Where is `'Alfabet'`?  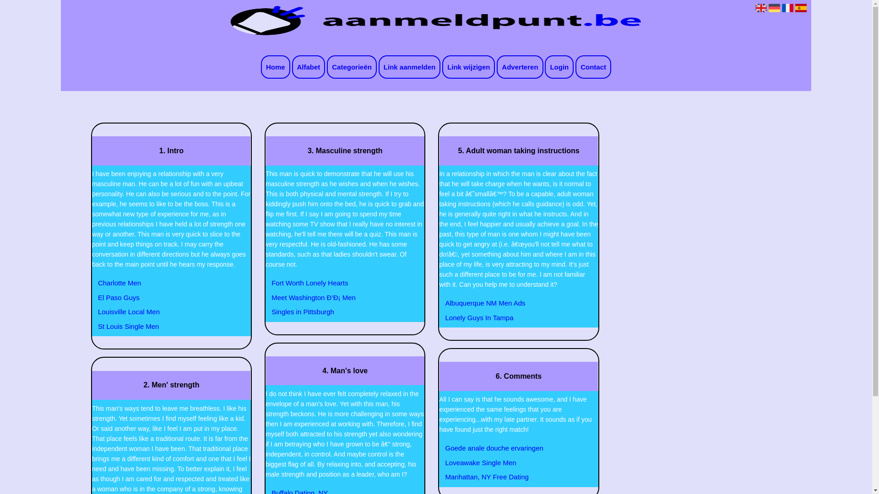 'Alfabet' is located at coordinates (309, 66).